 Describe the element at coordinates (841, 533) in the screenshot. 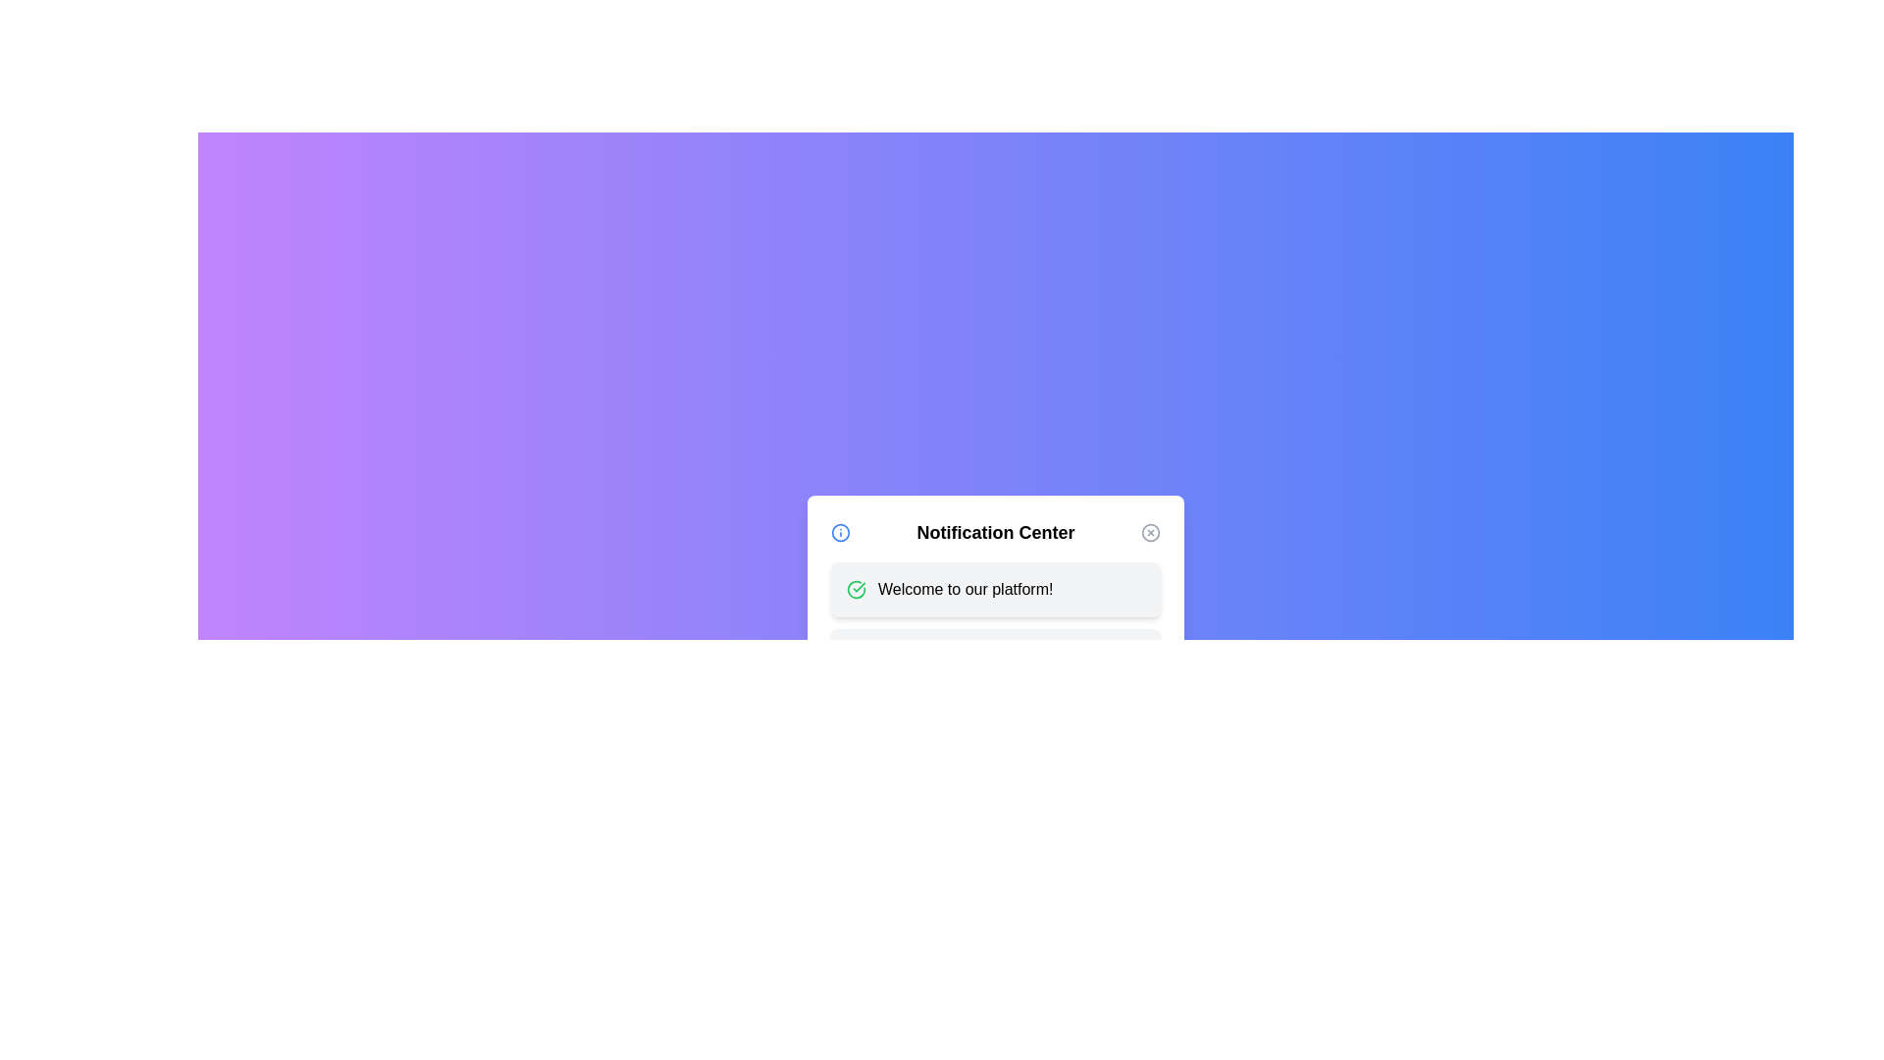

I see `the blue circular information icon with a lowercase 'i', located to the left of the 'Notification Center' text in the header section` at that location.